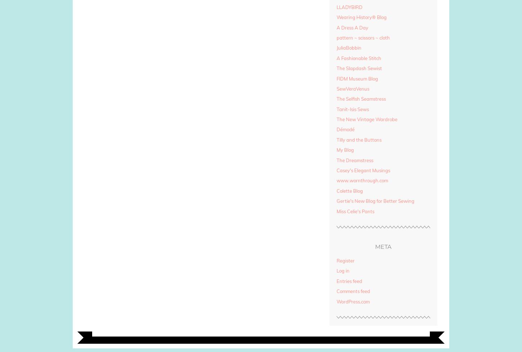 The height and width of the screenshot is (352, 522). I want to click on 'The New Vintage Wardrobe', so click(366, 119).